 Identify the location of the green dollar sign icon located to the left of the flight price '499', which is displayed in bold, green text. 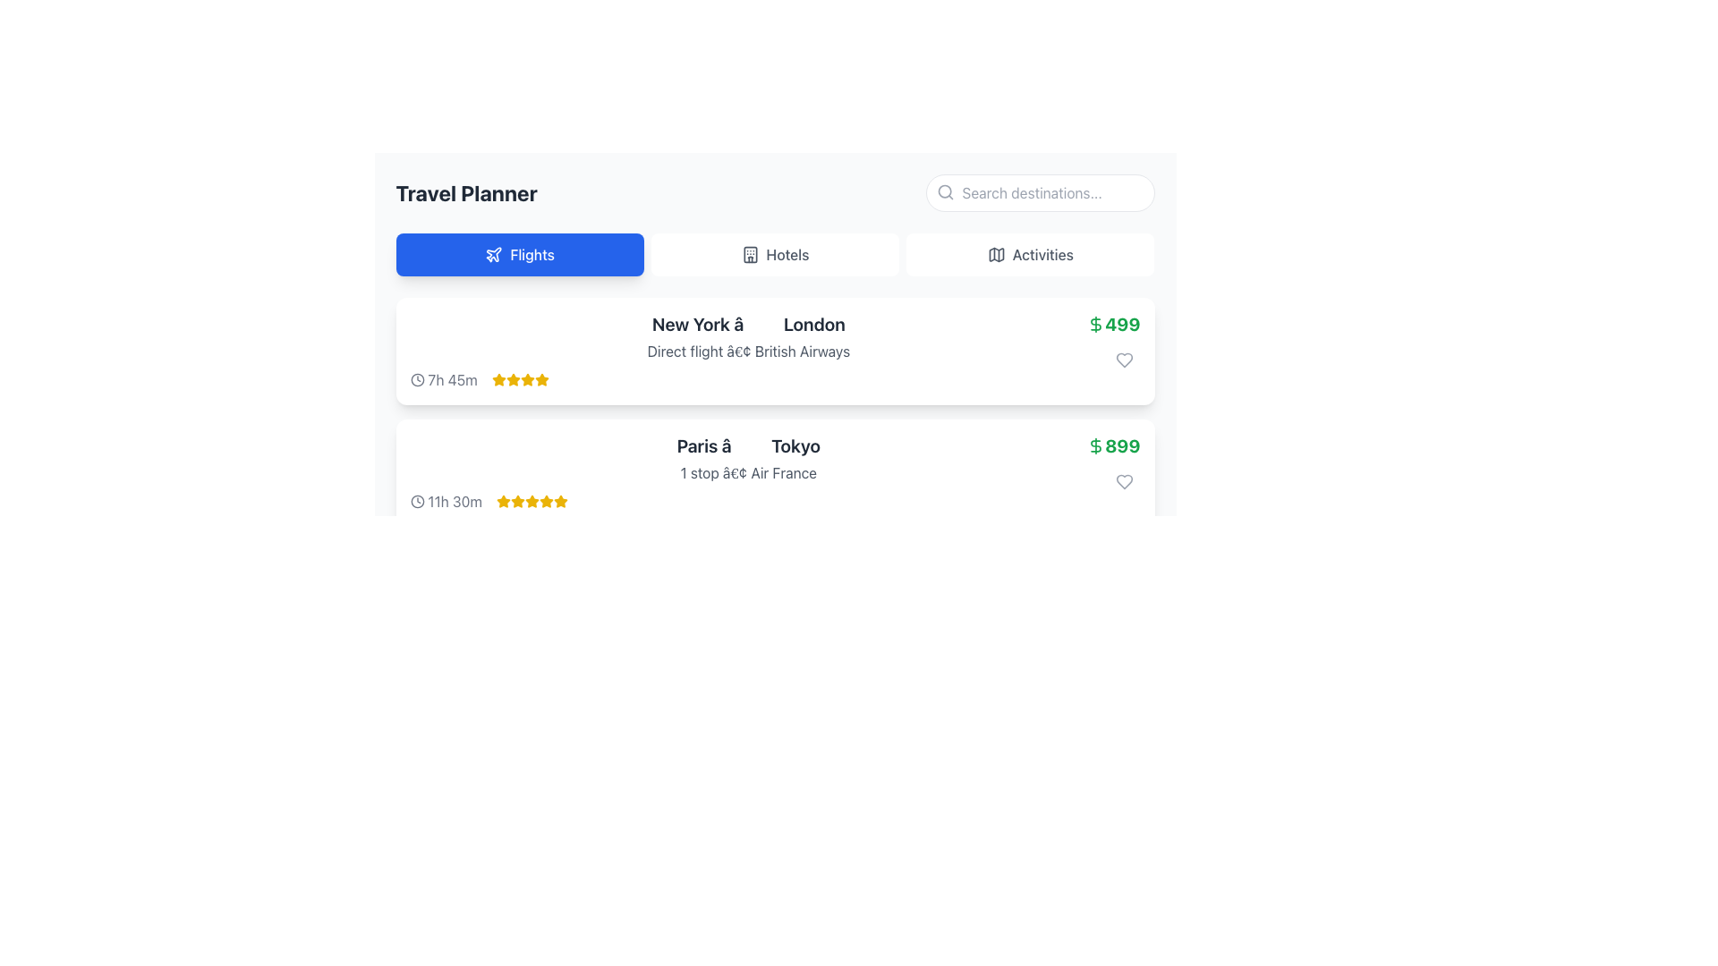
(1095, 324).